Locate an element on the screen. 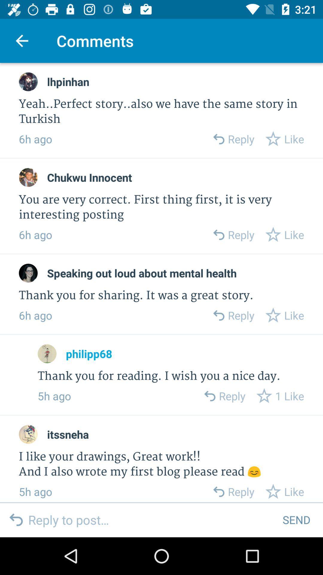 This screenshot has width=323, height=575. the lhpinhan item is located at coordinates (68, 81).